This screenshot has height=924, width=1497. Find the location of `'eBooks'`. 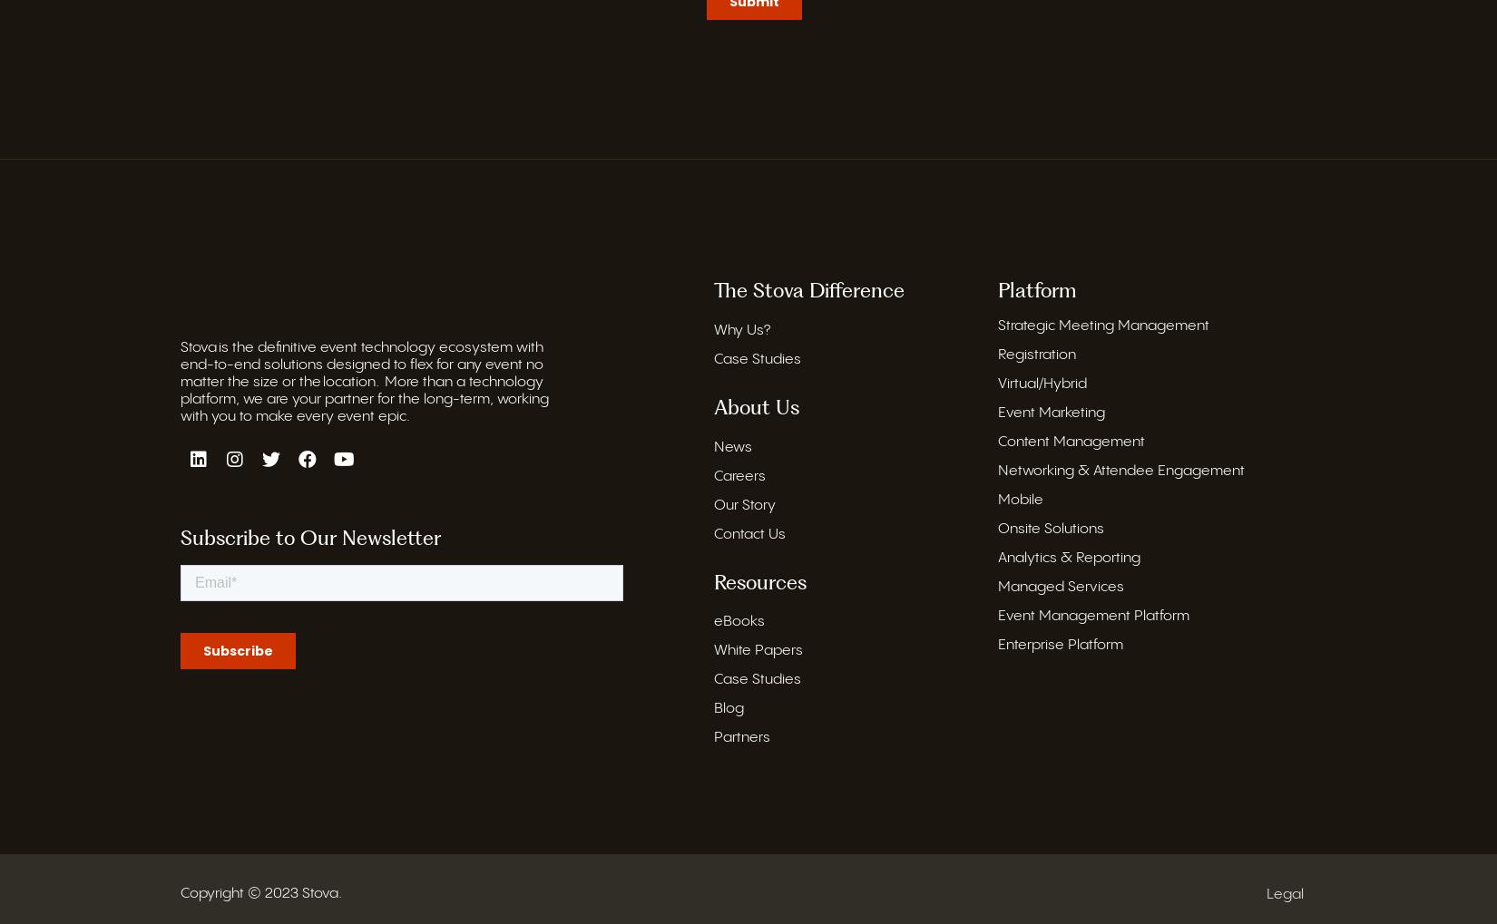

'eBooks' is located at coordinates (738, 621).